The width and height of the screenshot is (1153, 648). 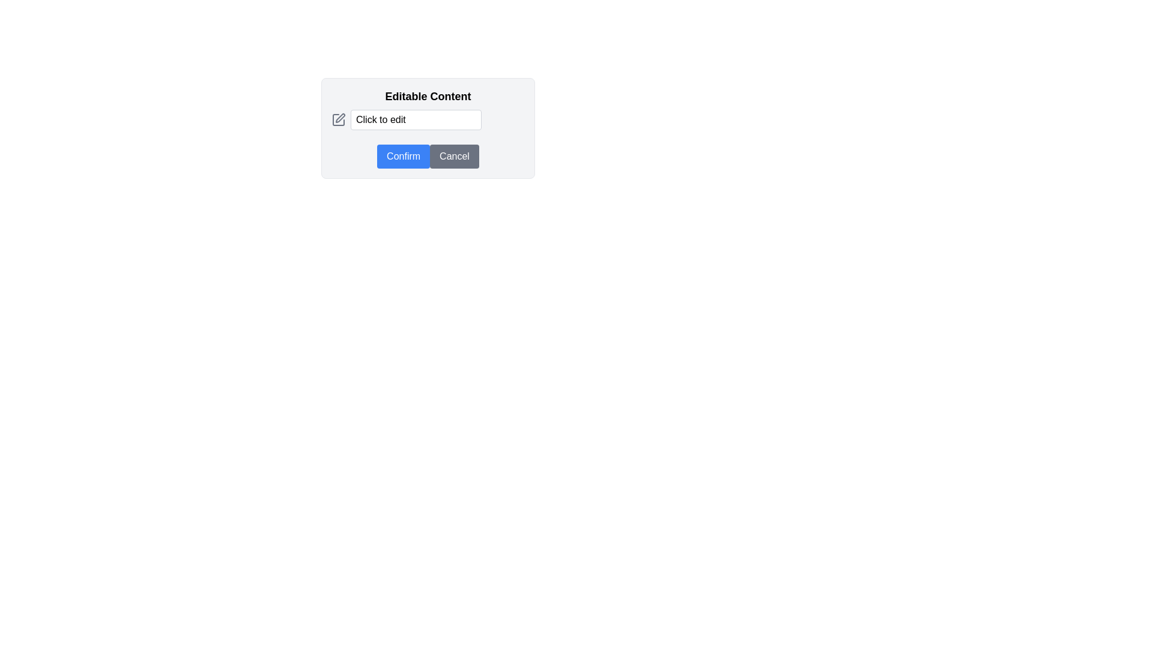 What do you see at coordinates (454, 156) in the screenshot?
I see `the 'Cancel' button, which is a rectangular button with rounded edges and white text, to observe its hover effect` at bounding box center [454, 156].